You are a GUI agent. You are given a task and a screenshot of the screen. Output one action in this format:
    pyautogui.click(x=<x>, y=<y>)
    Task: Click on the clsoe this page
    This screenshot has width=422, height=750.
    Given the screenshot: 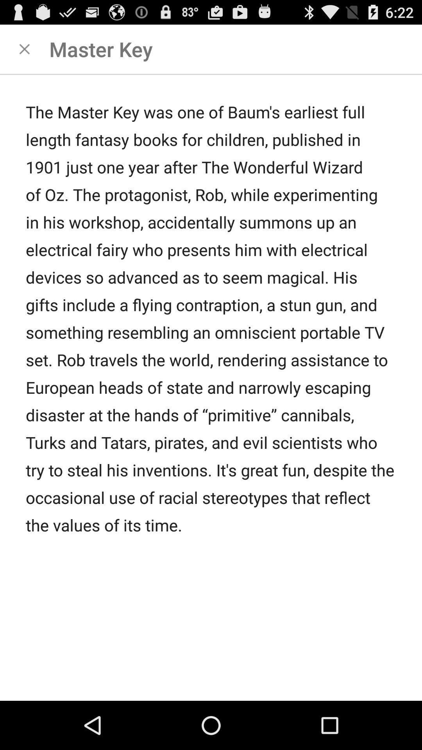 What is the action you would take?
    pyautogui.click(x=24, y=48)
    